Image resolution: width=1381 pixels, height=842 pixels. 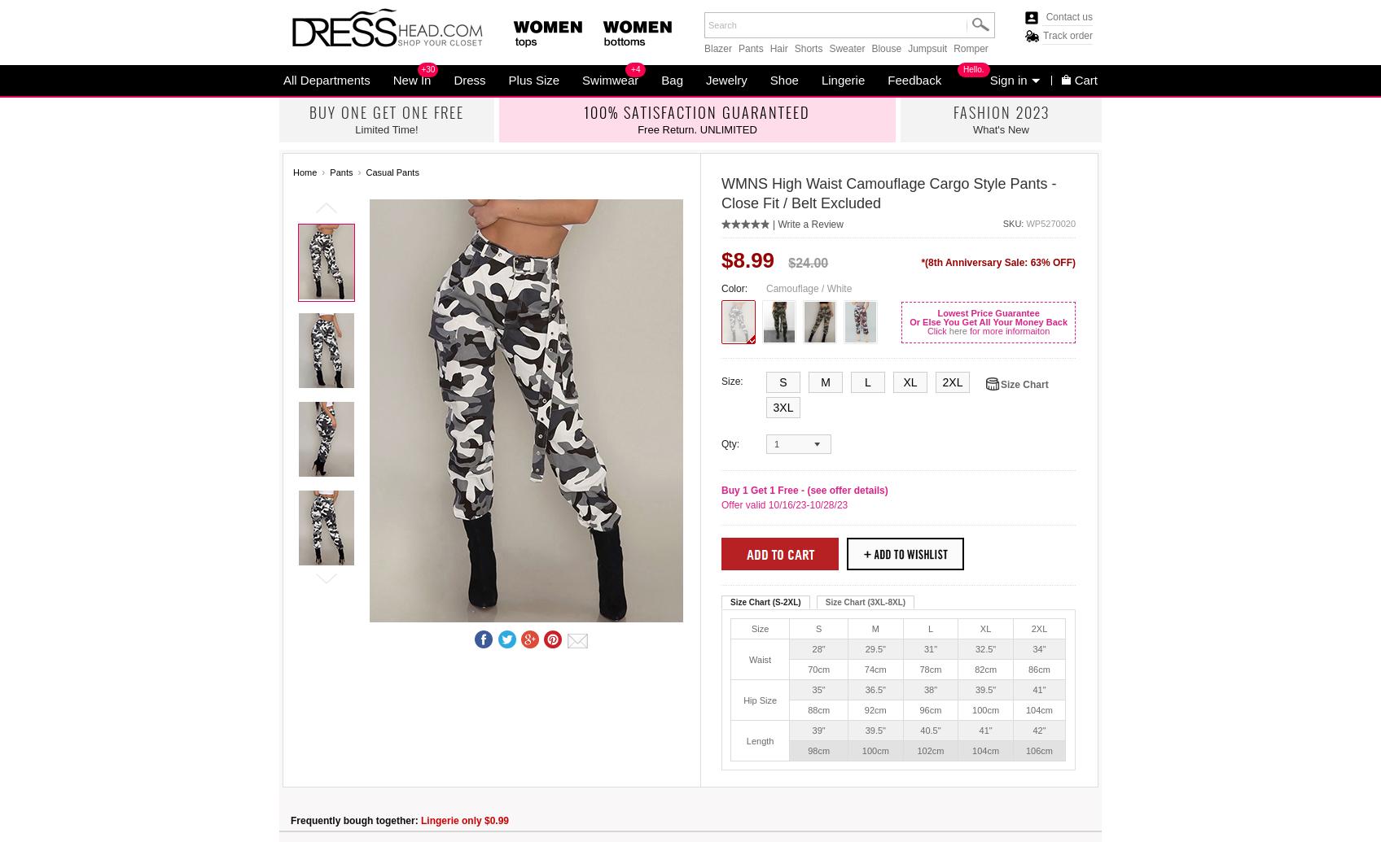 I want to click on 'Length', so click(x=758, y=739).